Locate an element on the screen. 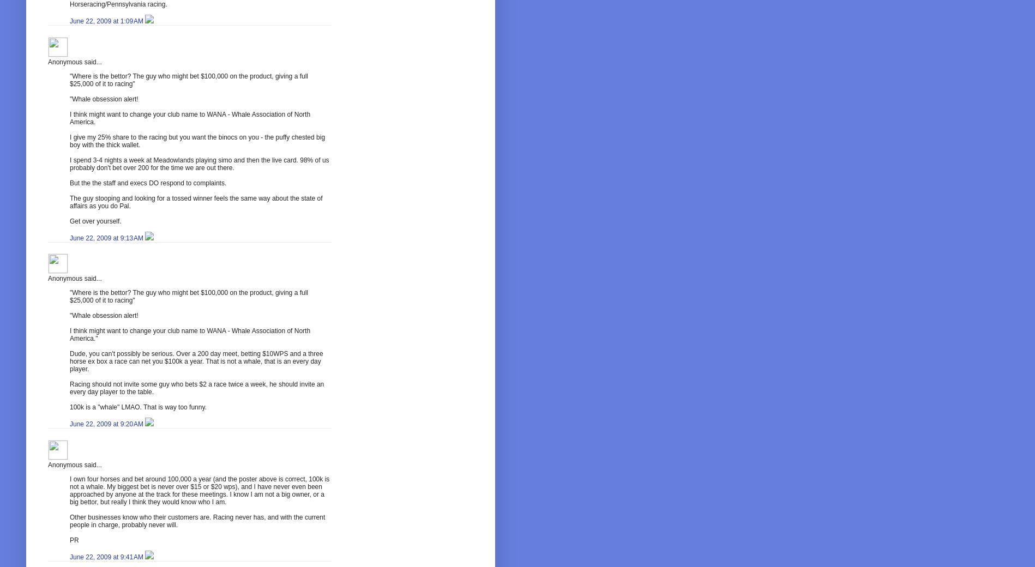 The width and height of the screenshot is (1035, 567). 'The guy stooping and looking for a tossed winner feels the same way about the state of affairs as you do Pal.' is located at coordinates (69, 201).